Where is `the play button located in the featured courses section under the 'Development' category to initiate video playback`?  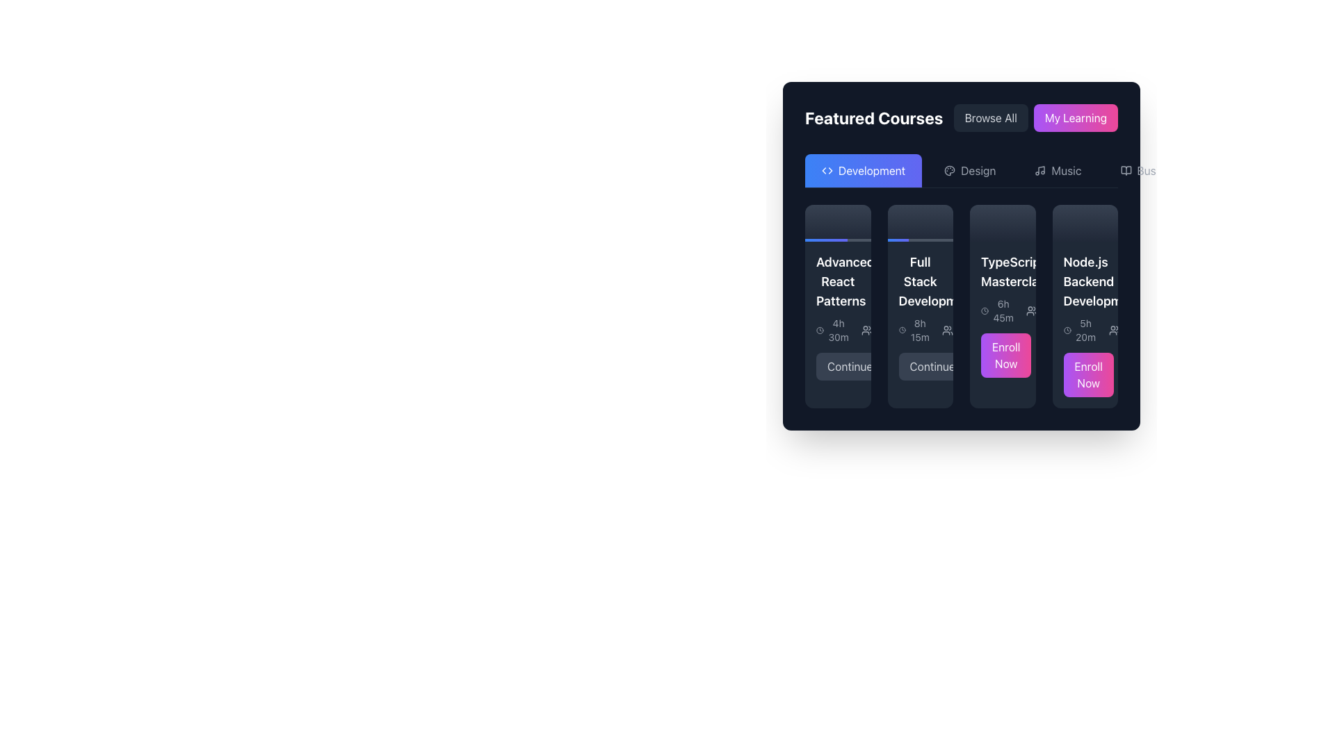
the play button located in the featured courses section under the 'Development' category to initiate video playback is located at coordinates (837, 222).